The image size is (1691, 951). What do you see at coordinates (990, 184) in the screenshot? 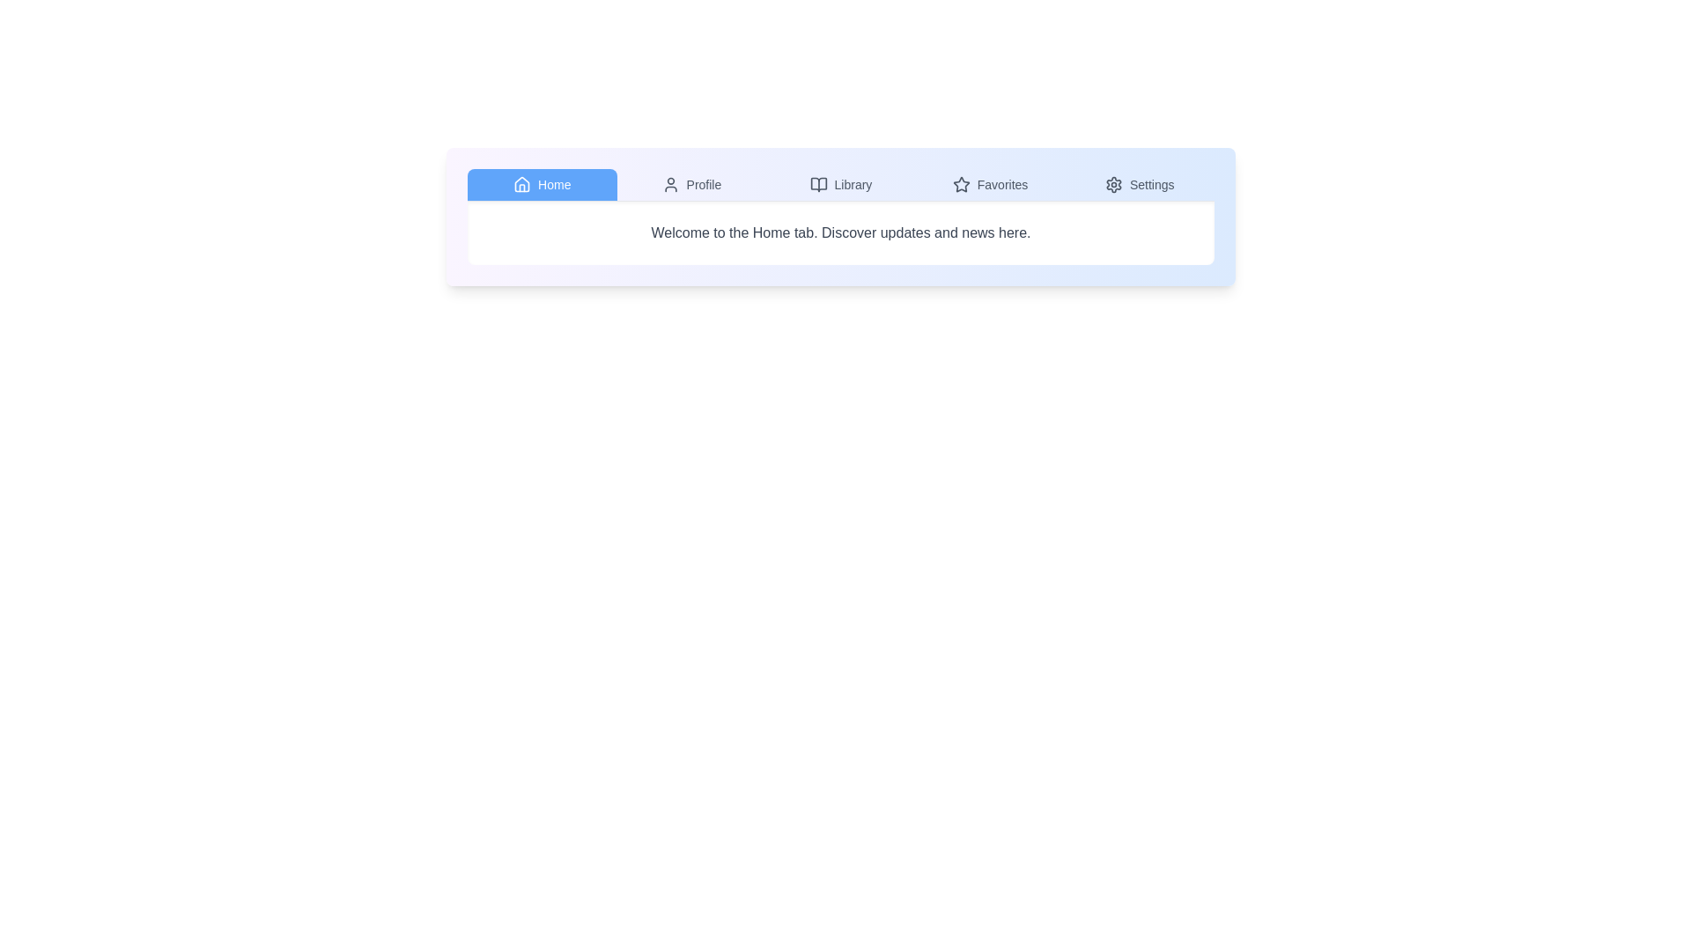
I see `the 'Favorites' tab in the navigation menu` at bounding box center [990, 184].